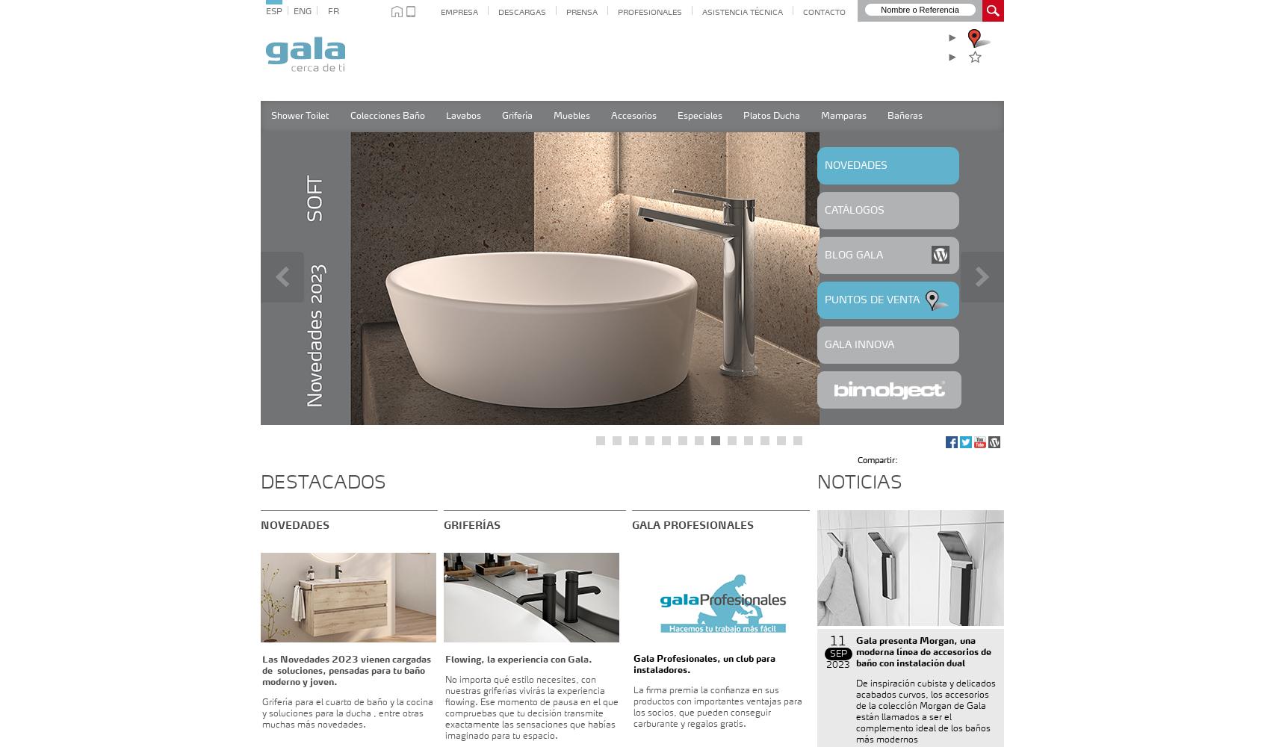 This screenshot has height=747, width=1264. Describe the element at coordinates (676, 117) in the screenshot. I see `'Especiales'` at that location.